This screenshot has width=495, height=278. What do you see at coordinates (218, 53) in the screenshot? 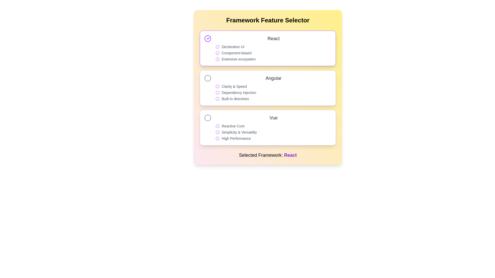
I see `the informative icon located to the left of the 'Component-based' text in the 'React' option group of the framework selection section` at bounding box center [218, 53].